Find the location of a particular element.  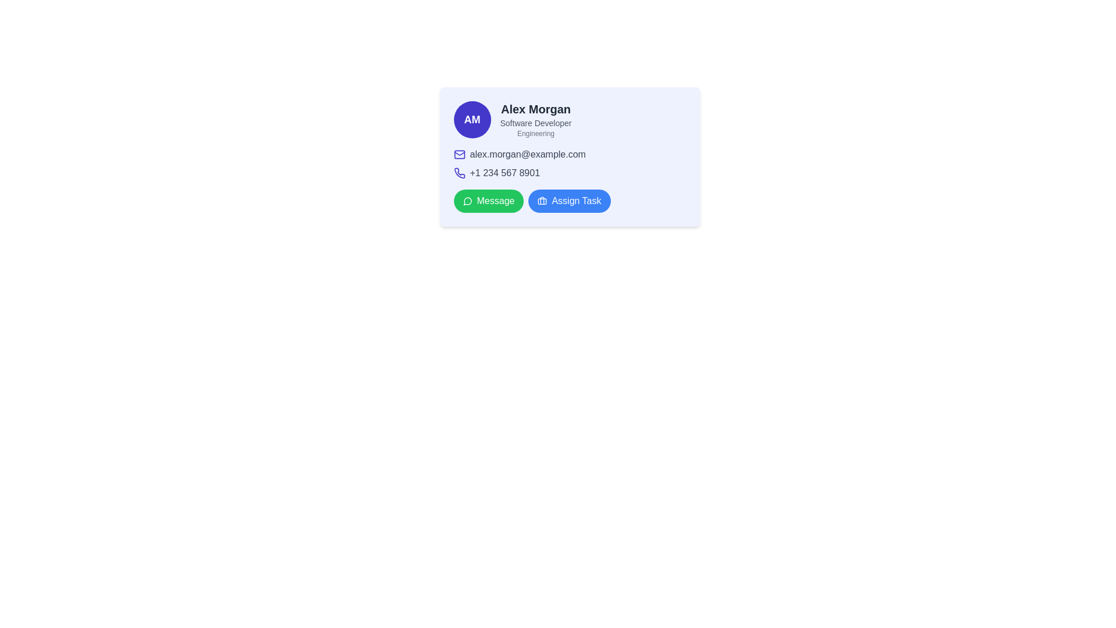

the phone icon, which is a vivid indigo icon resembling a phone, located to the left of the phone number '+1 234 567 8901' is located at coordinates (459, 173).